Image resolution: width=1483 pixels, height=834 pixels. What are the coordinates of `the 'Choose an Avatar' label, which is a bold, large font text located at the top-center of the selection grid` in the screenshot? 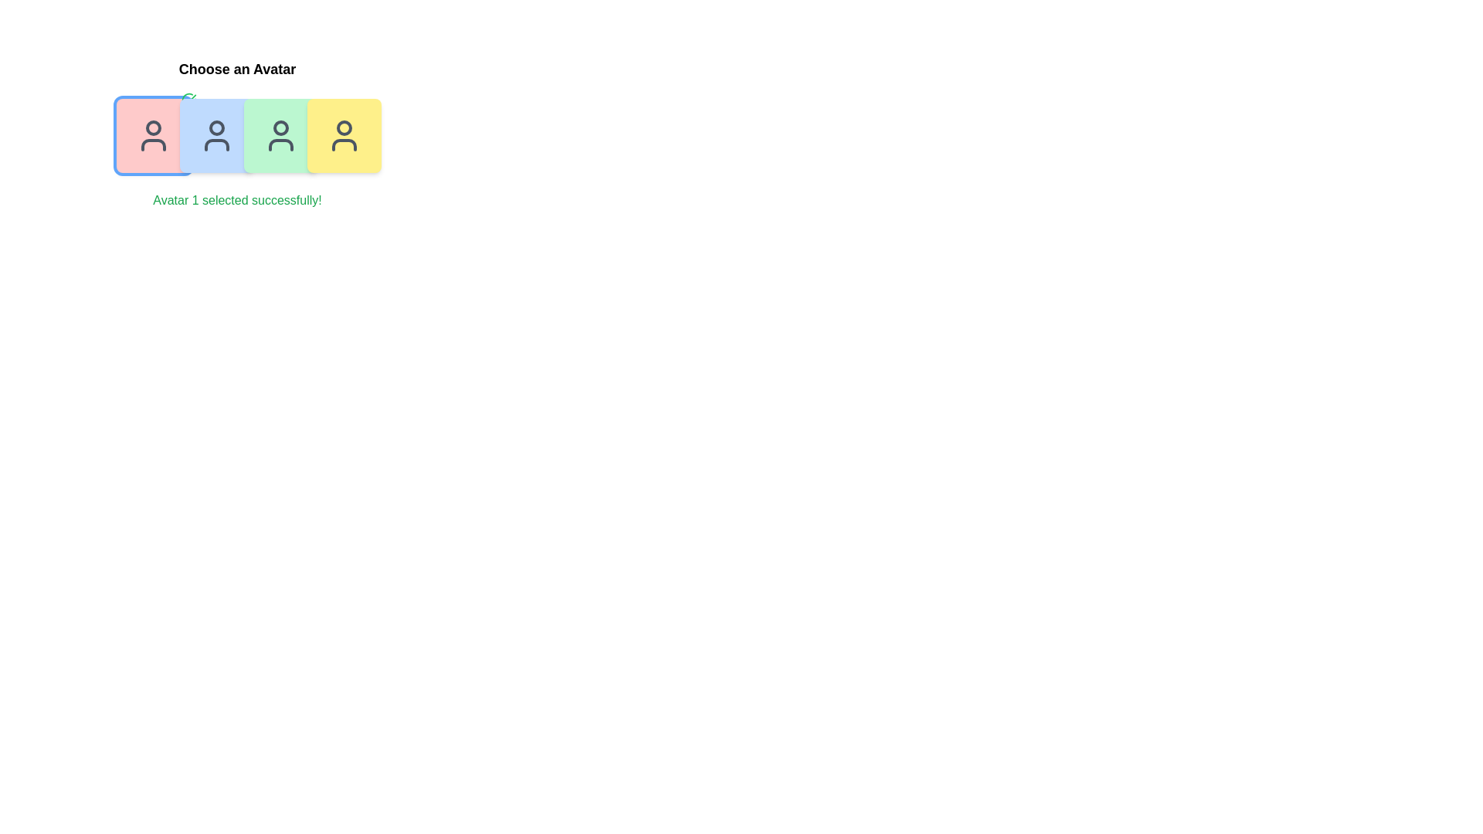 It's located at (236, 68).